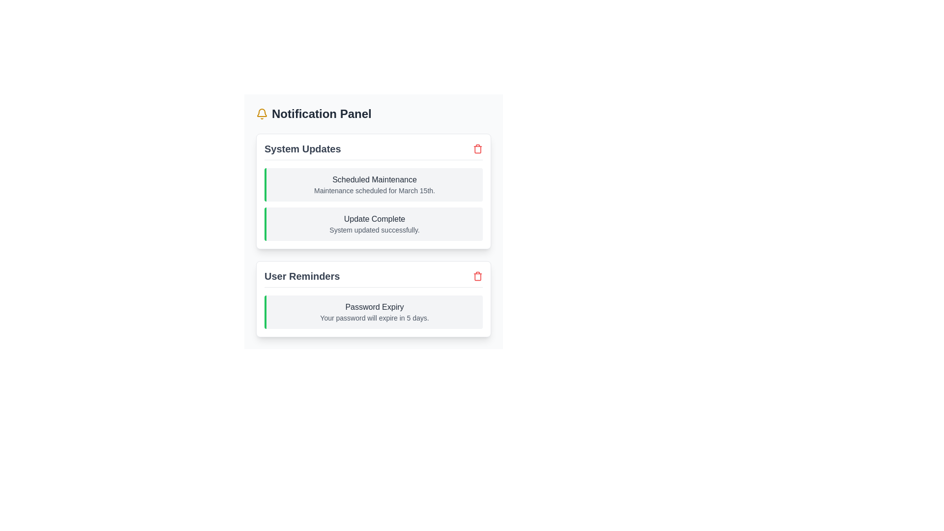 This screenshot has width=944, height=531. What do you see at coordinates (373, 306) in the screenshot?
I see `the notification text of Password Expiry` at bounding box center [373, 306].